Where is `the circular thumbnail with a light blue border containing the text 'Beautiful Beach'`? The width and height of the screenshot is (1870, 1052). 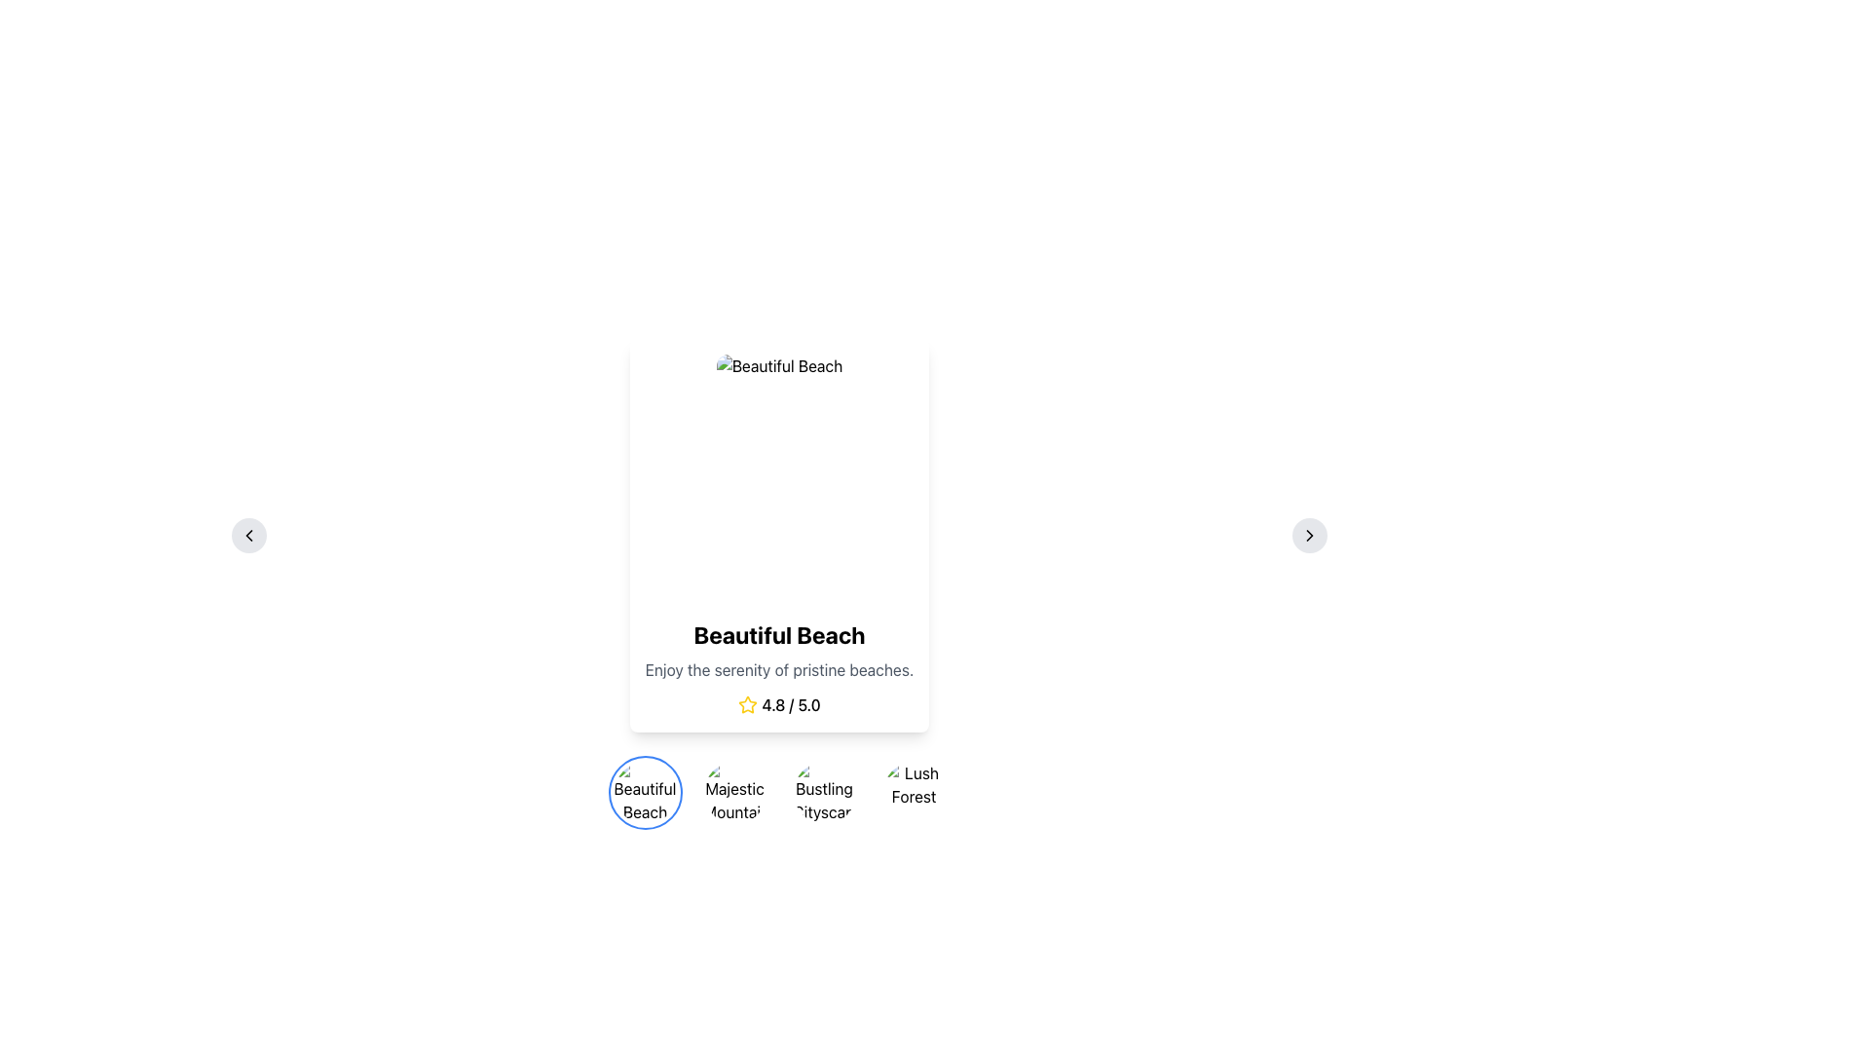 the circular thumbnail with a light blue border containing the text 'Beautiful Beach' is located at coordinates (645, 792).